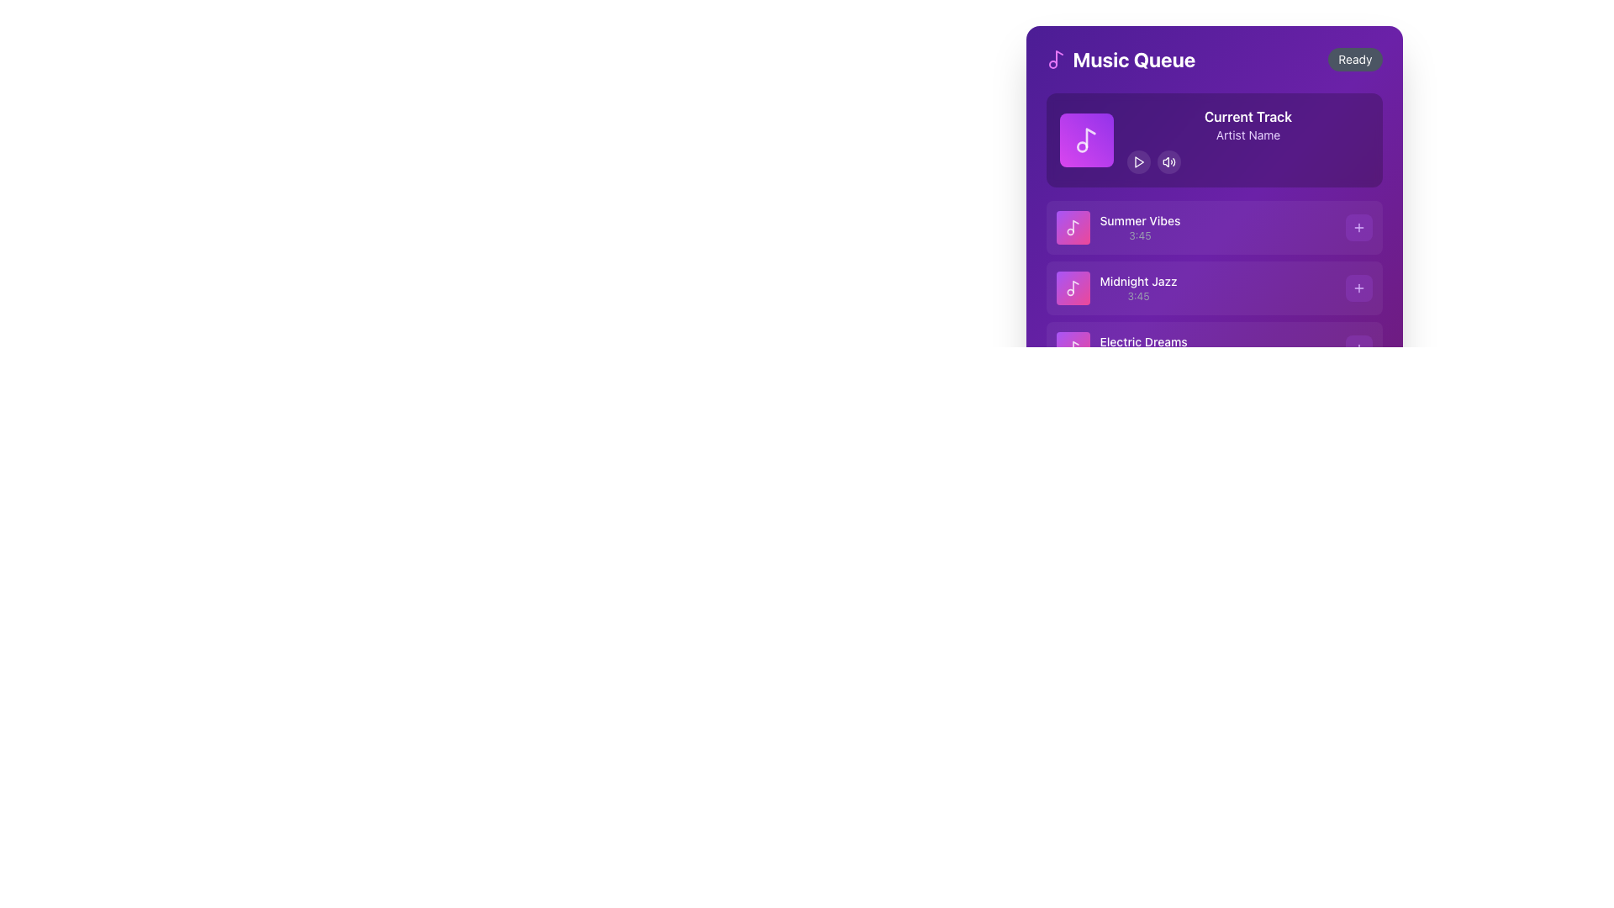  What do you see at coordinates (1214, 139) in the screenshot?
I see `the currently playing track information element, which is located below the 'Music Queue' heading and above the listed tracks` at bounding box center [1214, 139].